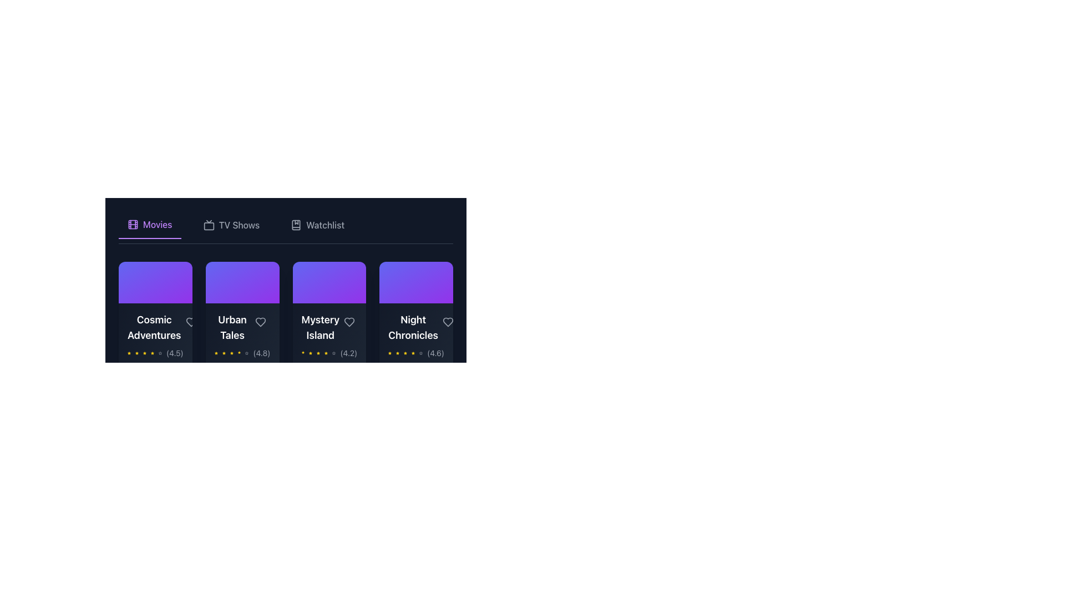 This screenshot has height=599, width=1065. What do you see at coordinates (296, 225) in the screenshot?
I see `the 'Watchlist' icon` at bounding box center [296, 225].